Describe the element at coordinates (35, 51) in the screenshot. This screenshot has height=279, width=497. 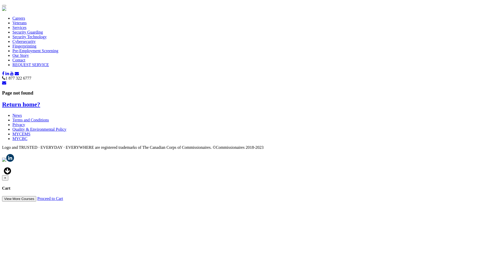
I see `'Pre-Employment Screening'` at that location.